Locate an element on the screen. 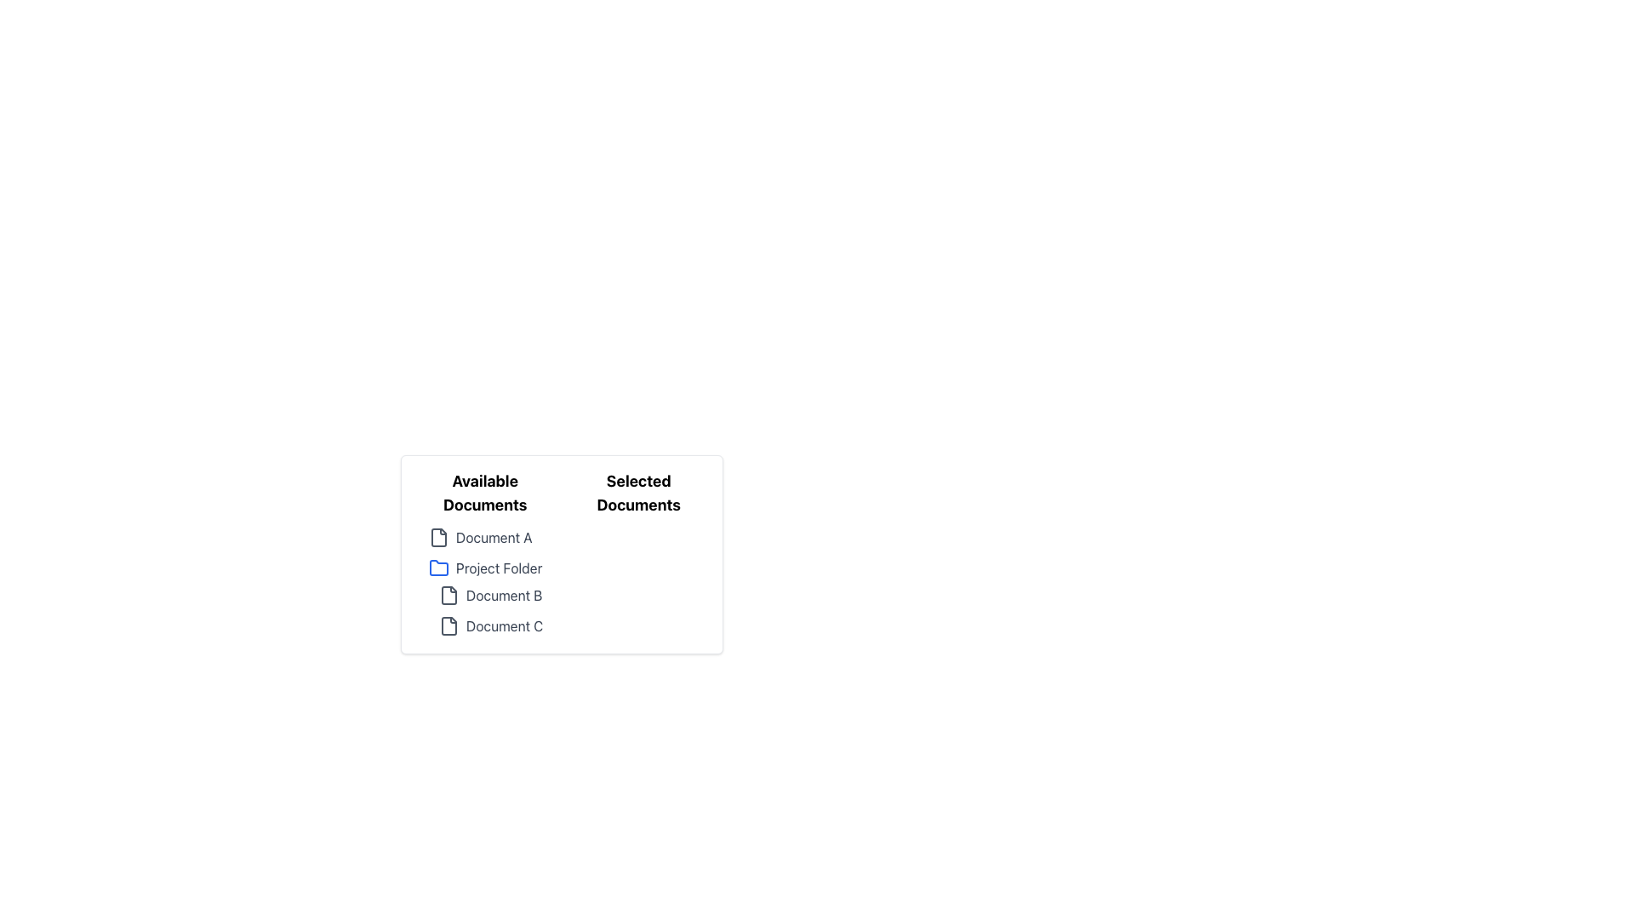  the bold, black text header 'Available Documents' that is positioned at the top of the document section, preceding the list of entries is located at coordinates (484, 493).